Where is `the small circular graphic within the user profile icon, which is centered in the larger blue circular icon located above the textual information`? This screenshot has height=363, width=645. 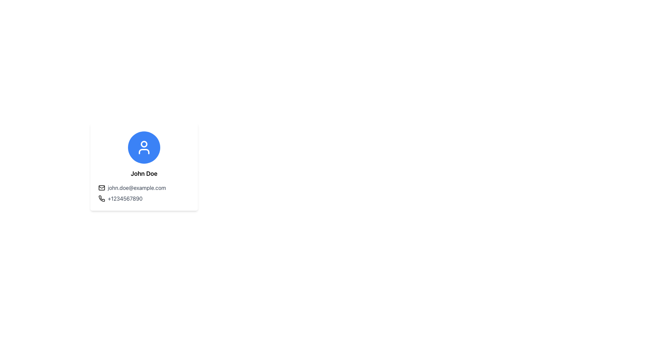 the small circular graphic within the user profile icon, which is centered in the larger blue circular icon located above the textual information is located at coordinates (143, 144).